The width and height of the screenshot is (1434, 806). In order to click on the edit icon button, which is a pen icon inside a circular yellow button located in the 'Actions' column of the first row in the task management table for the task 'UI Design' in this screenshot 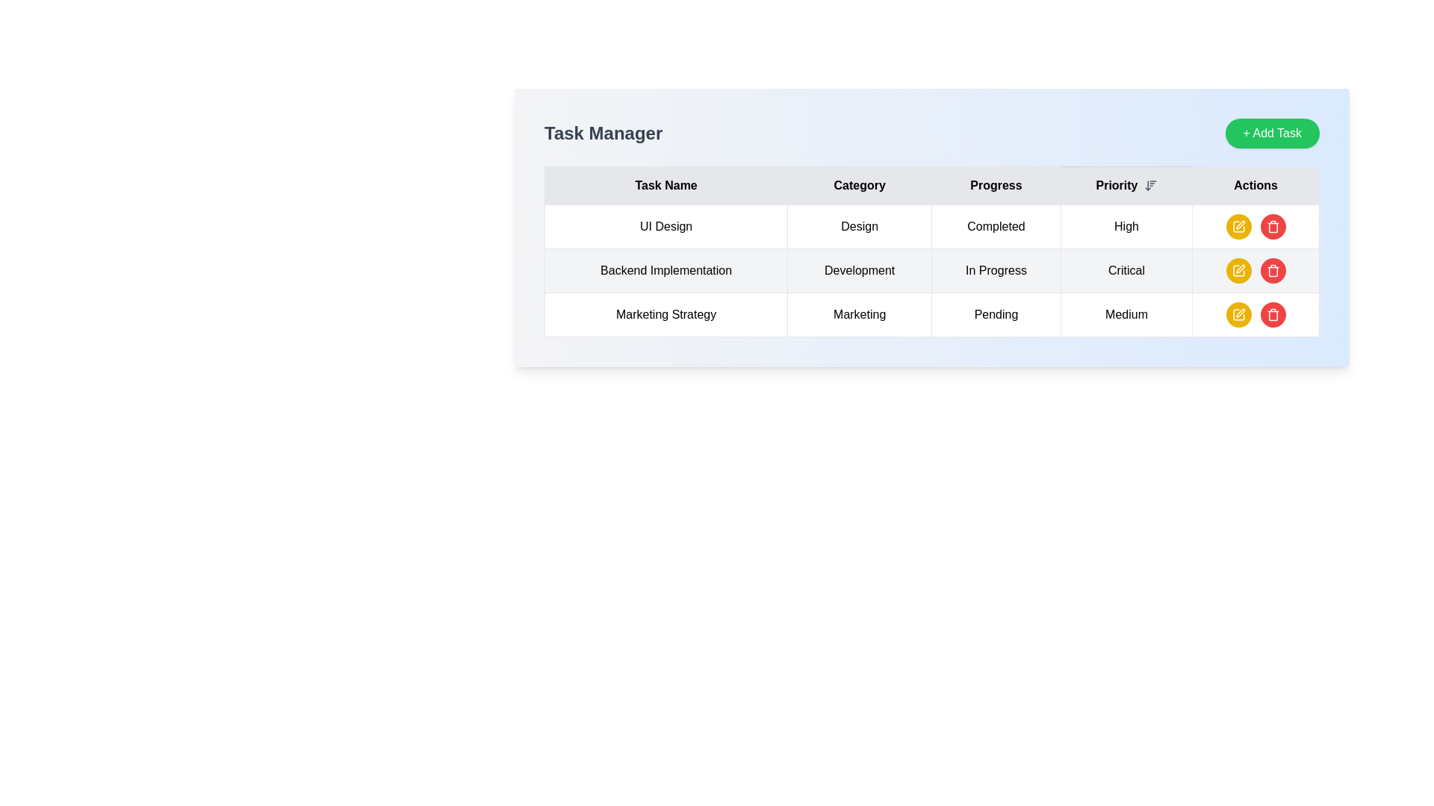, I will do `click(1238, 227)`.